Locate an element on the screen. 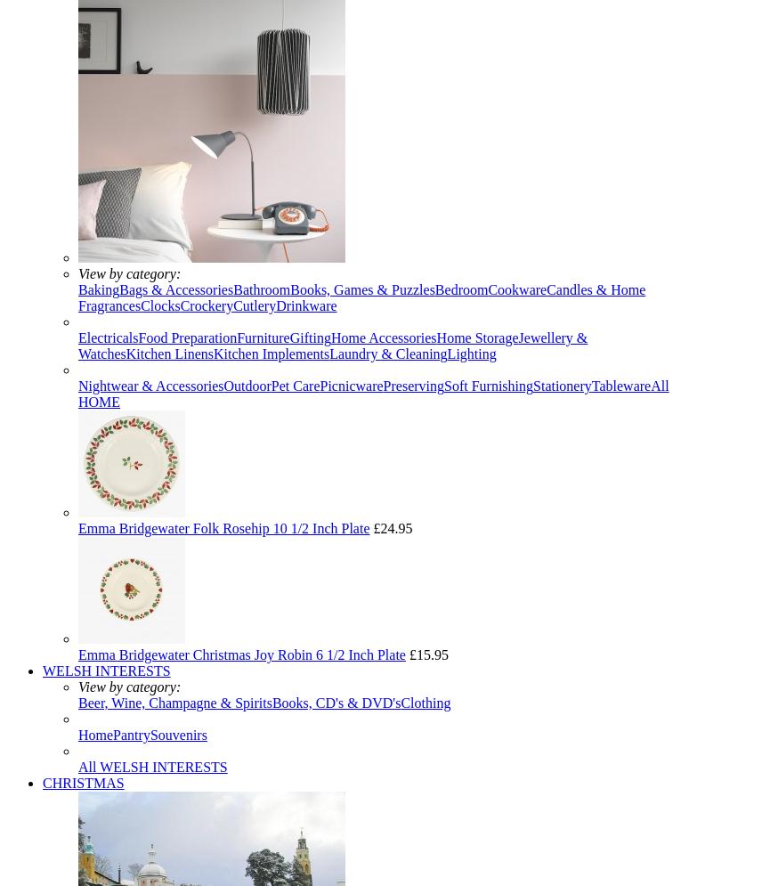 Image resolution: width=762 pixels, height=886 pixels. 'Tableware' is located at coordinates (620, 385).